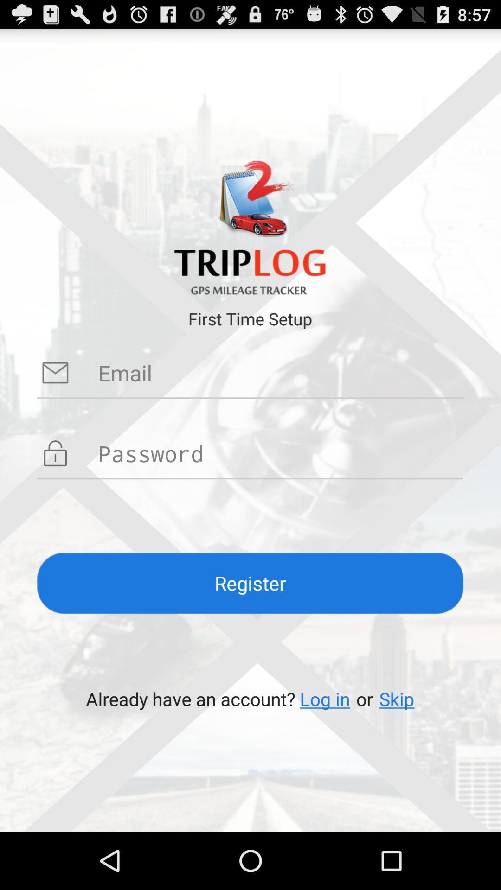  Describe the element at coordinates (324, 699) in the screenshot. I see `the item to the right of already have an app` at that location.